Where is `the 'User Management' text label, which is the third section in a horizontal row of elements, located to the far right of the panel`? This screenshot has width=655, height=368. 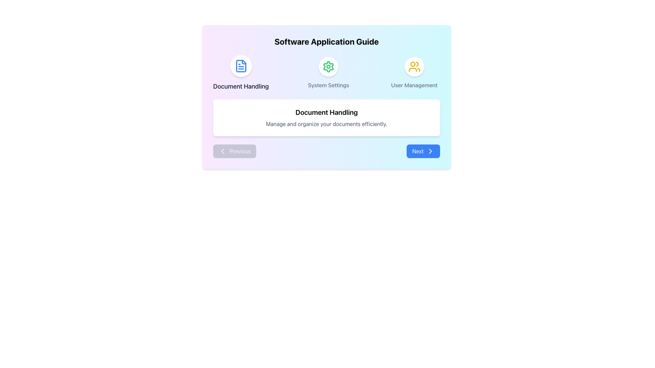 the 'User Management' text label, which is the third section in a horizontal row of elements, located to the far right of the panel is located at coordinates (414, 85).